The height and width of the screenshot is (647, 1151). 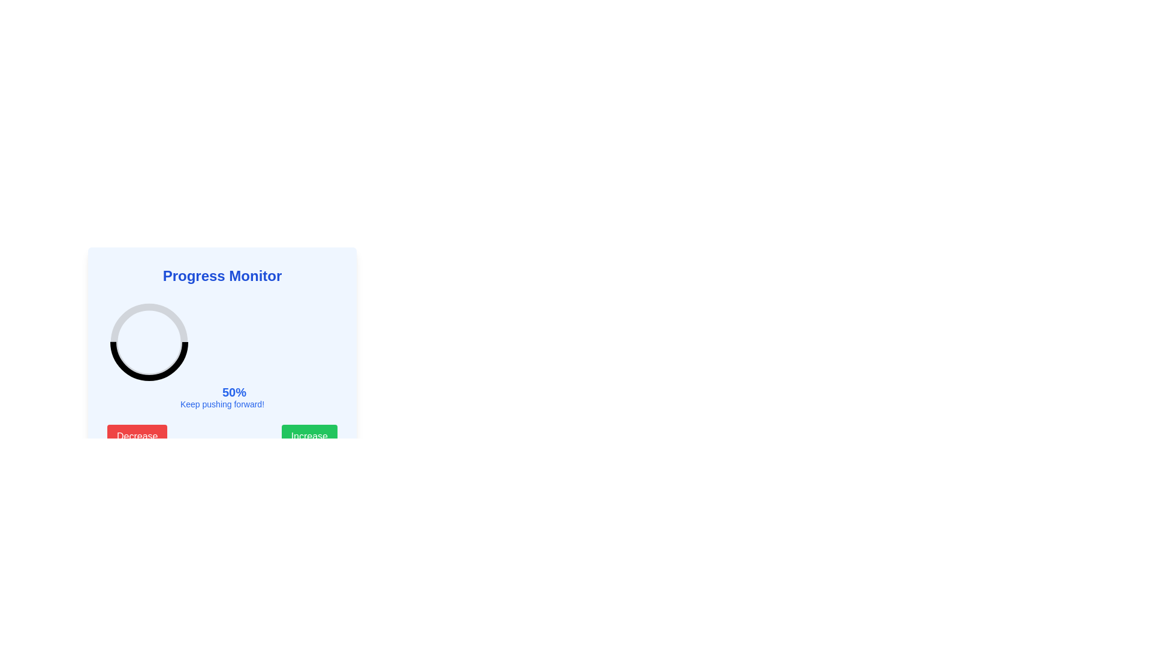 What do you see at coordinates (137, 437) in the screenshot?
I see `the red 'Decrease' button with white text` at bounding box center [137, 437].